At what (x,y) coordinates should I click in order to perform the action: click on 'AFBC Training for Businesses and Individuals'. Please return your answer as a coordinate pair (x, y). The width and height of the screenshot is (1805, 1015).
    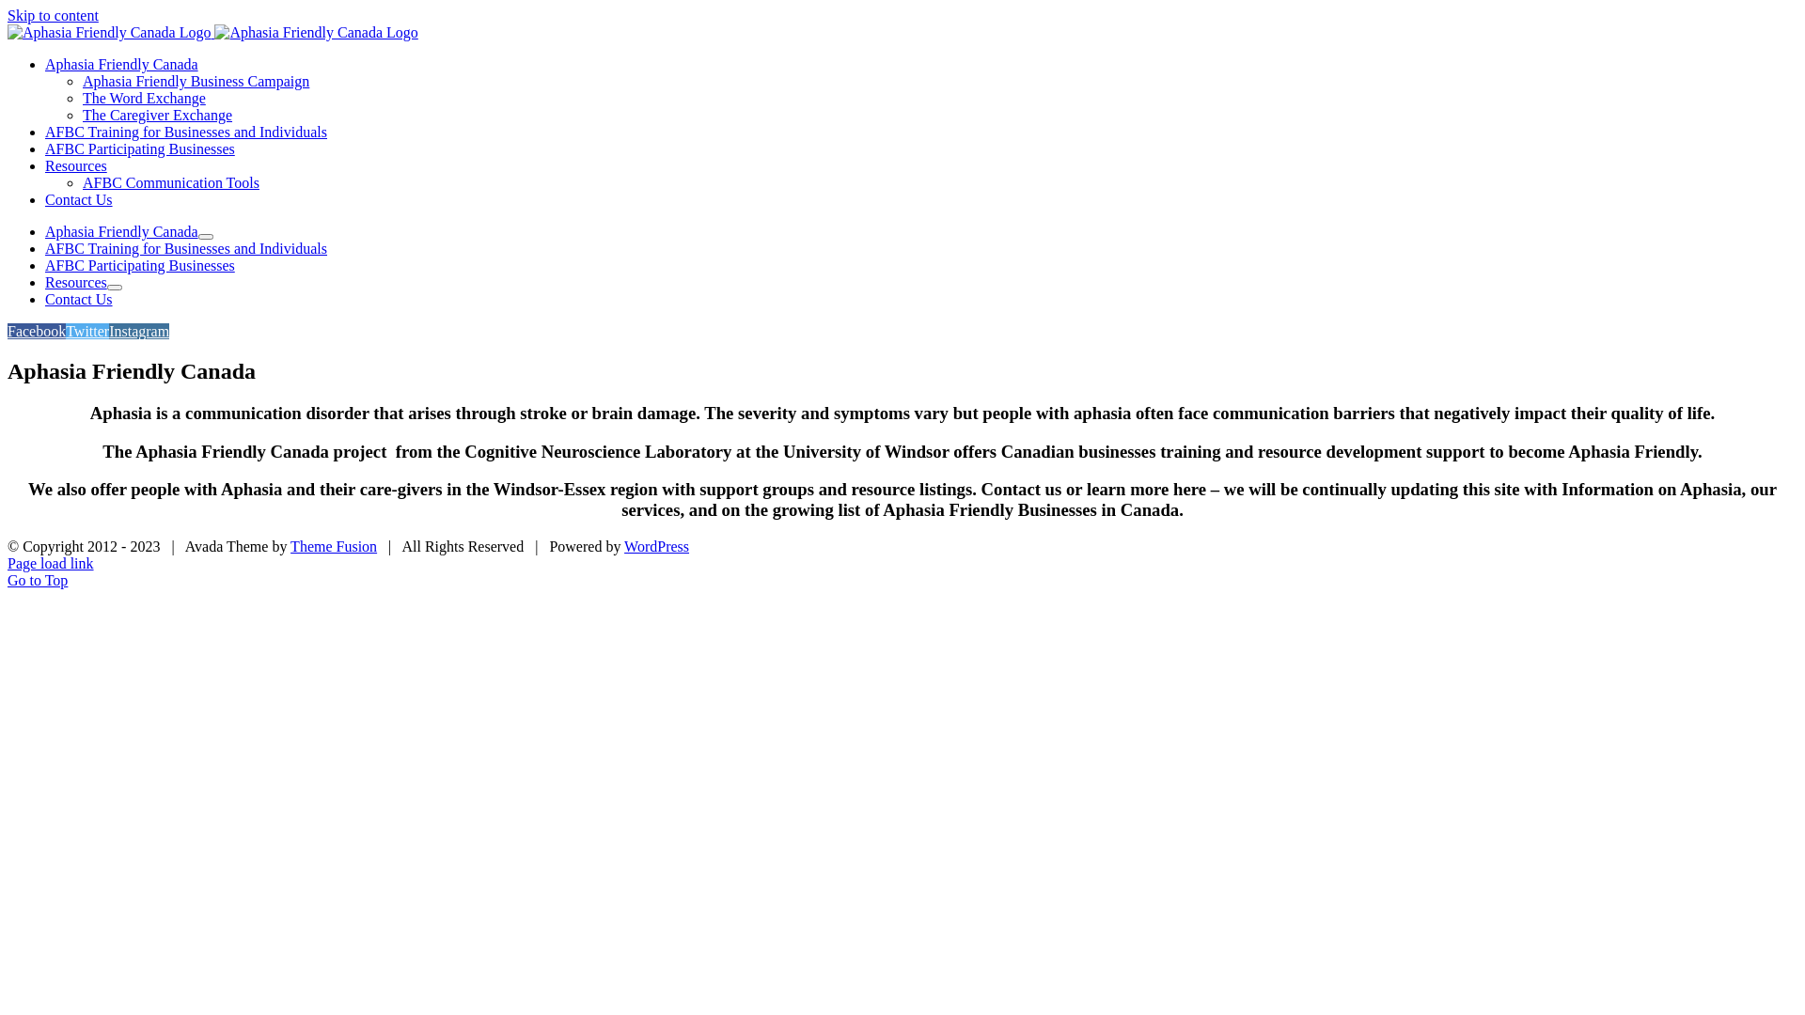
    Looking at the image, I should click on (185, 131).